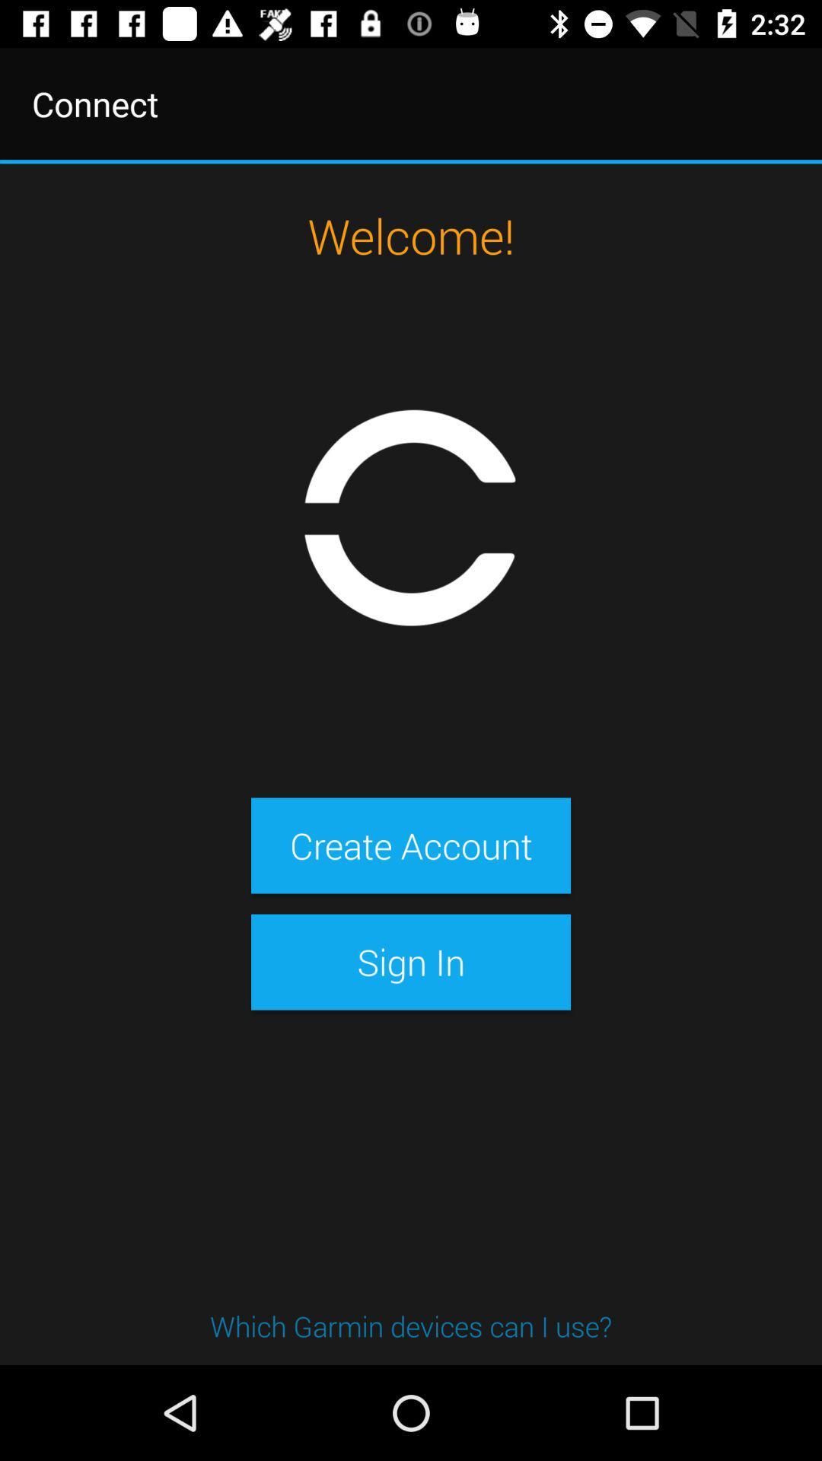 The height and width of the screenshot is (1461, 822). Describe the element at coordinates (411, 1325) in the screenshot. I see `which garmin devices` at that location.